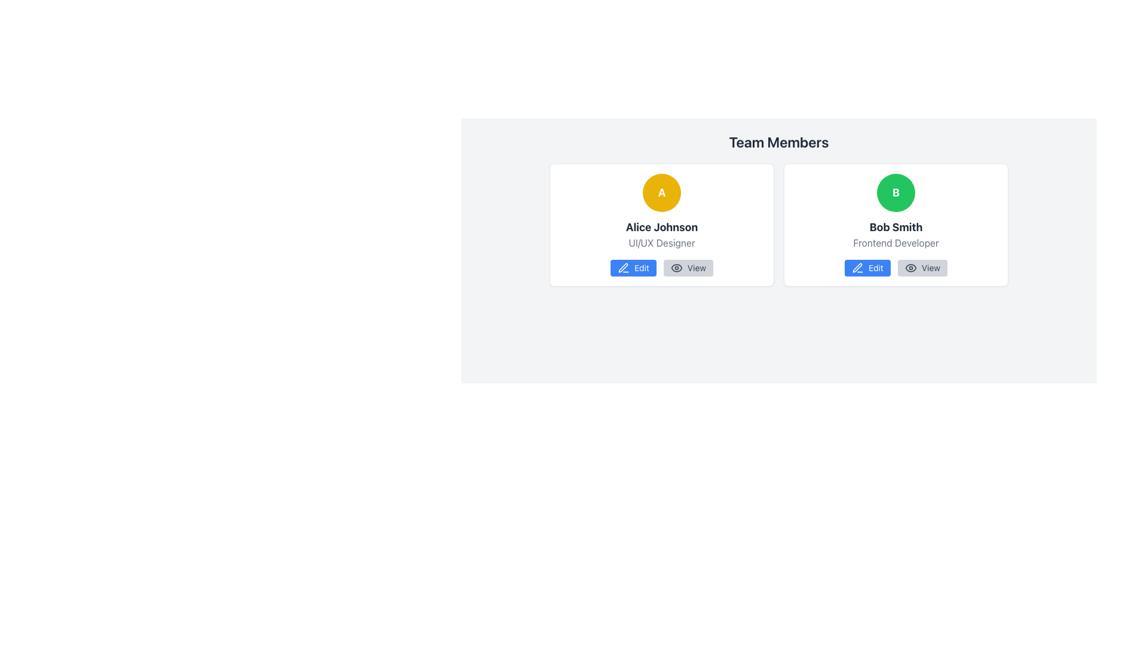 This screenshot has height=645, width=1147. I want to click on the 'View' button located in the bottom section of the profile card for 'Alice Johnson UI/UX Designer', so click(661, 267).